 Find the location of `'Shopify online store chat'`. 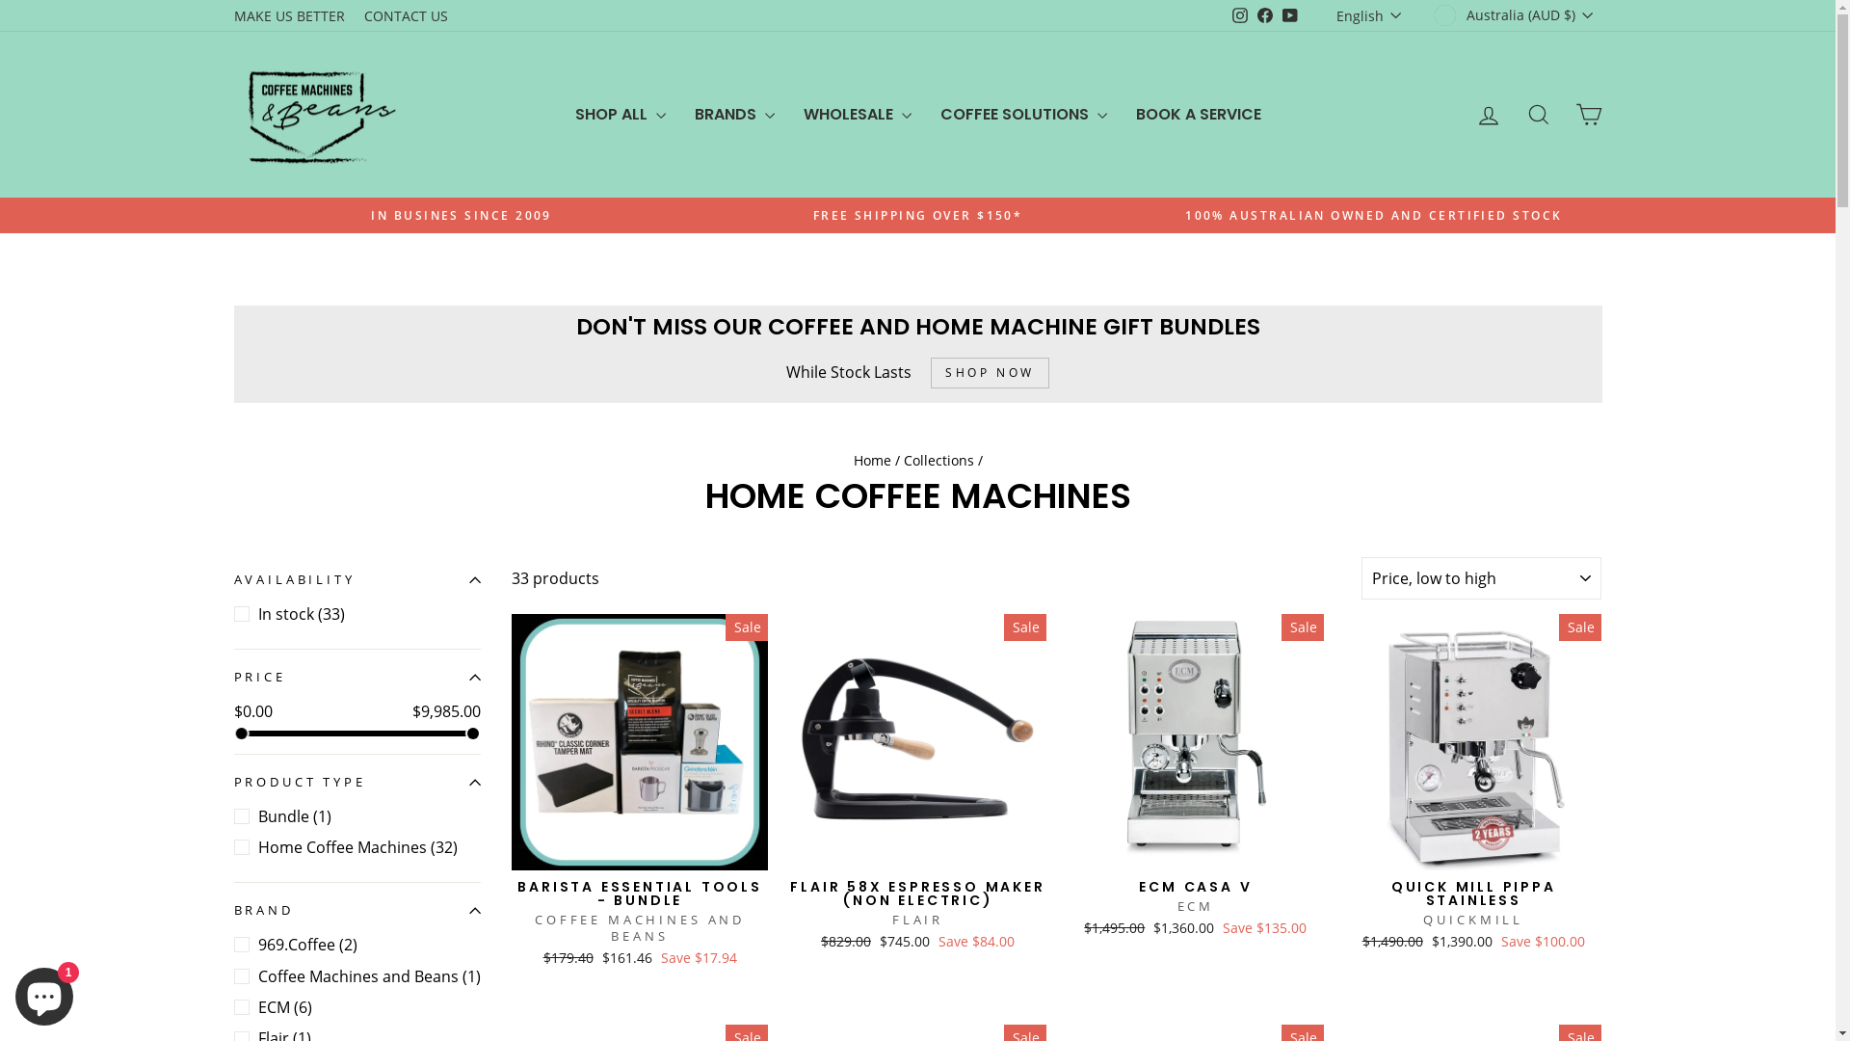

'Shopify online store chat' is located at coordinates (44, 992).